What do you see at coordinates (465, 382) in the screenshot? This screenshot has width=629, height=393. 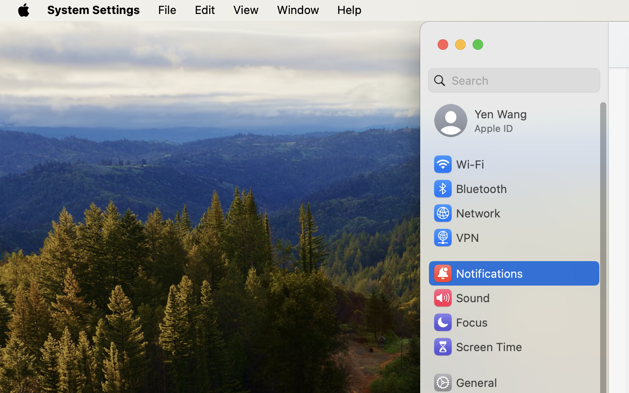 I see `'General'` at bounding box center [465, 382].